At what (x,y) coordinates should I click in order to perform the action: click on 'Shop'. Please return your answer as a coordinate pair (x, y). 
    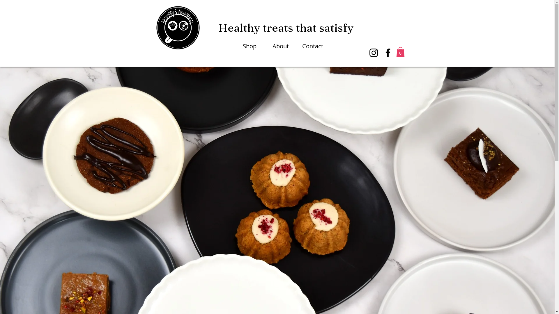
    Looking at the image, I should click on (253, 46).